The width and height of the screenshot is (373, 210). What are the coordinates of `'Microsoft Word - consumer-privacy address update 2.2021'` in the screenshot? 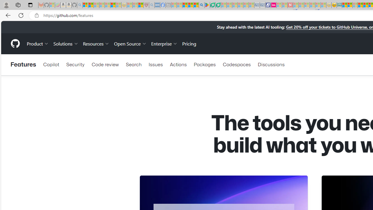 It's located at (218, 5).